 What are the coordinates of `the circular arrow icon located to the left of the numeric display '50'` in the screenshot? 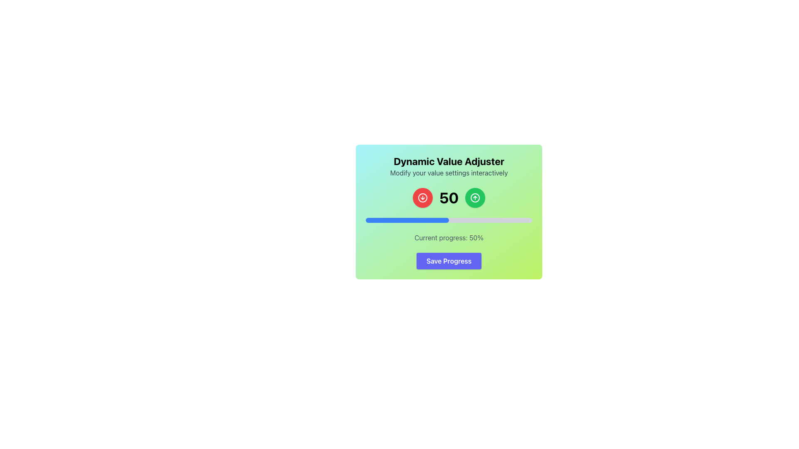 It's located at (422, 197).